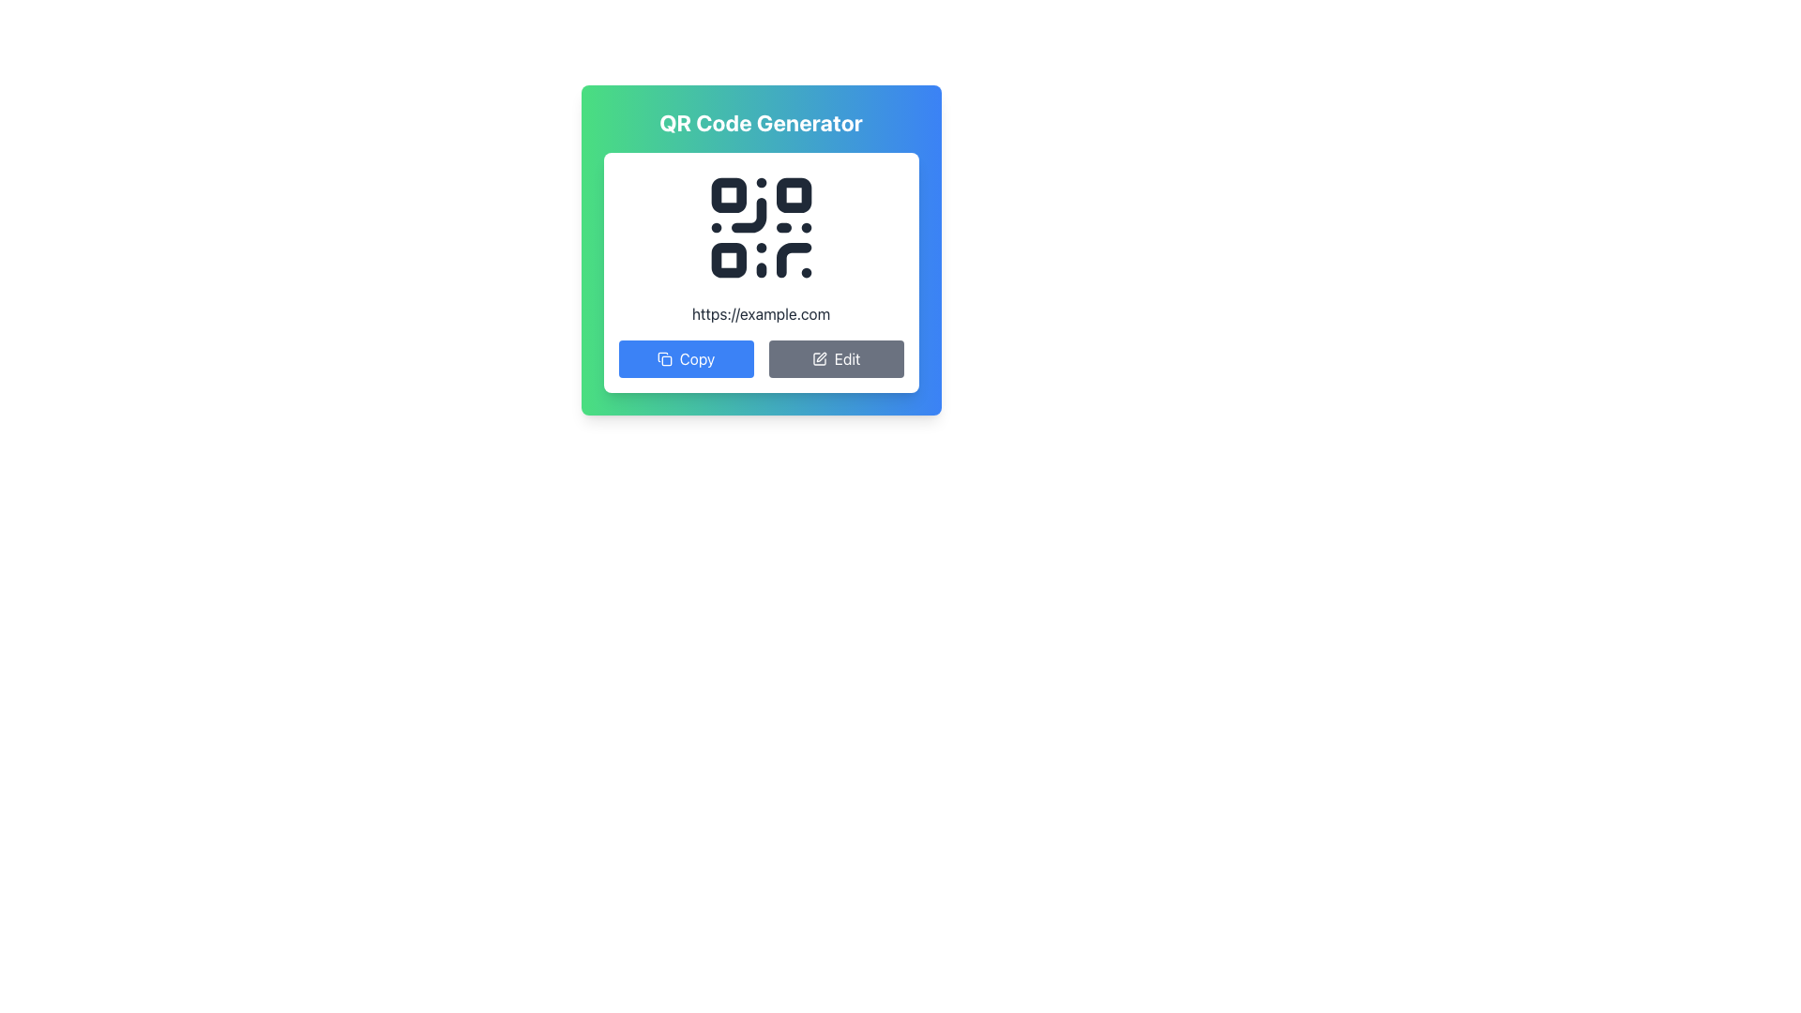  Describe the element at coordinates (761, 313) in the screenshot. I see `the text element displaying the URL 'https://example.com', located below the QR code and above the 'Copy' and 'Edit' buttons` at that location.